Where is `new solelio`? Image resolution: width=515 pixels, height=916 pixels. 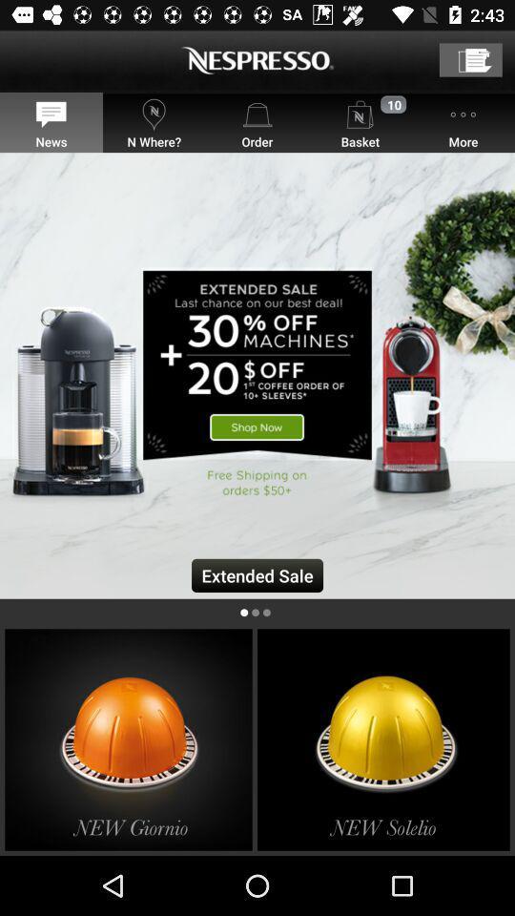 new solelio is located at coordinates (383, 739).